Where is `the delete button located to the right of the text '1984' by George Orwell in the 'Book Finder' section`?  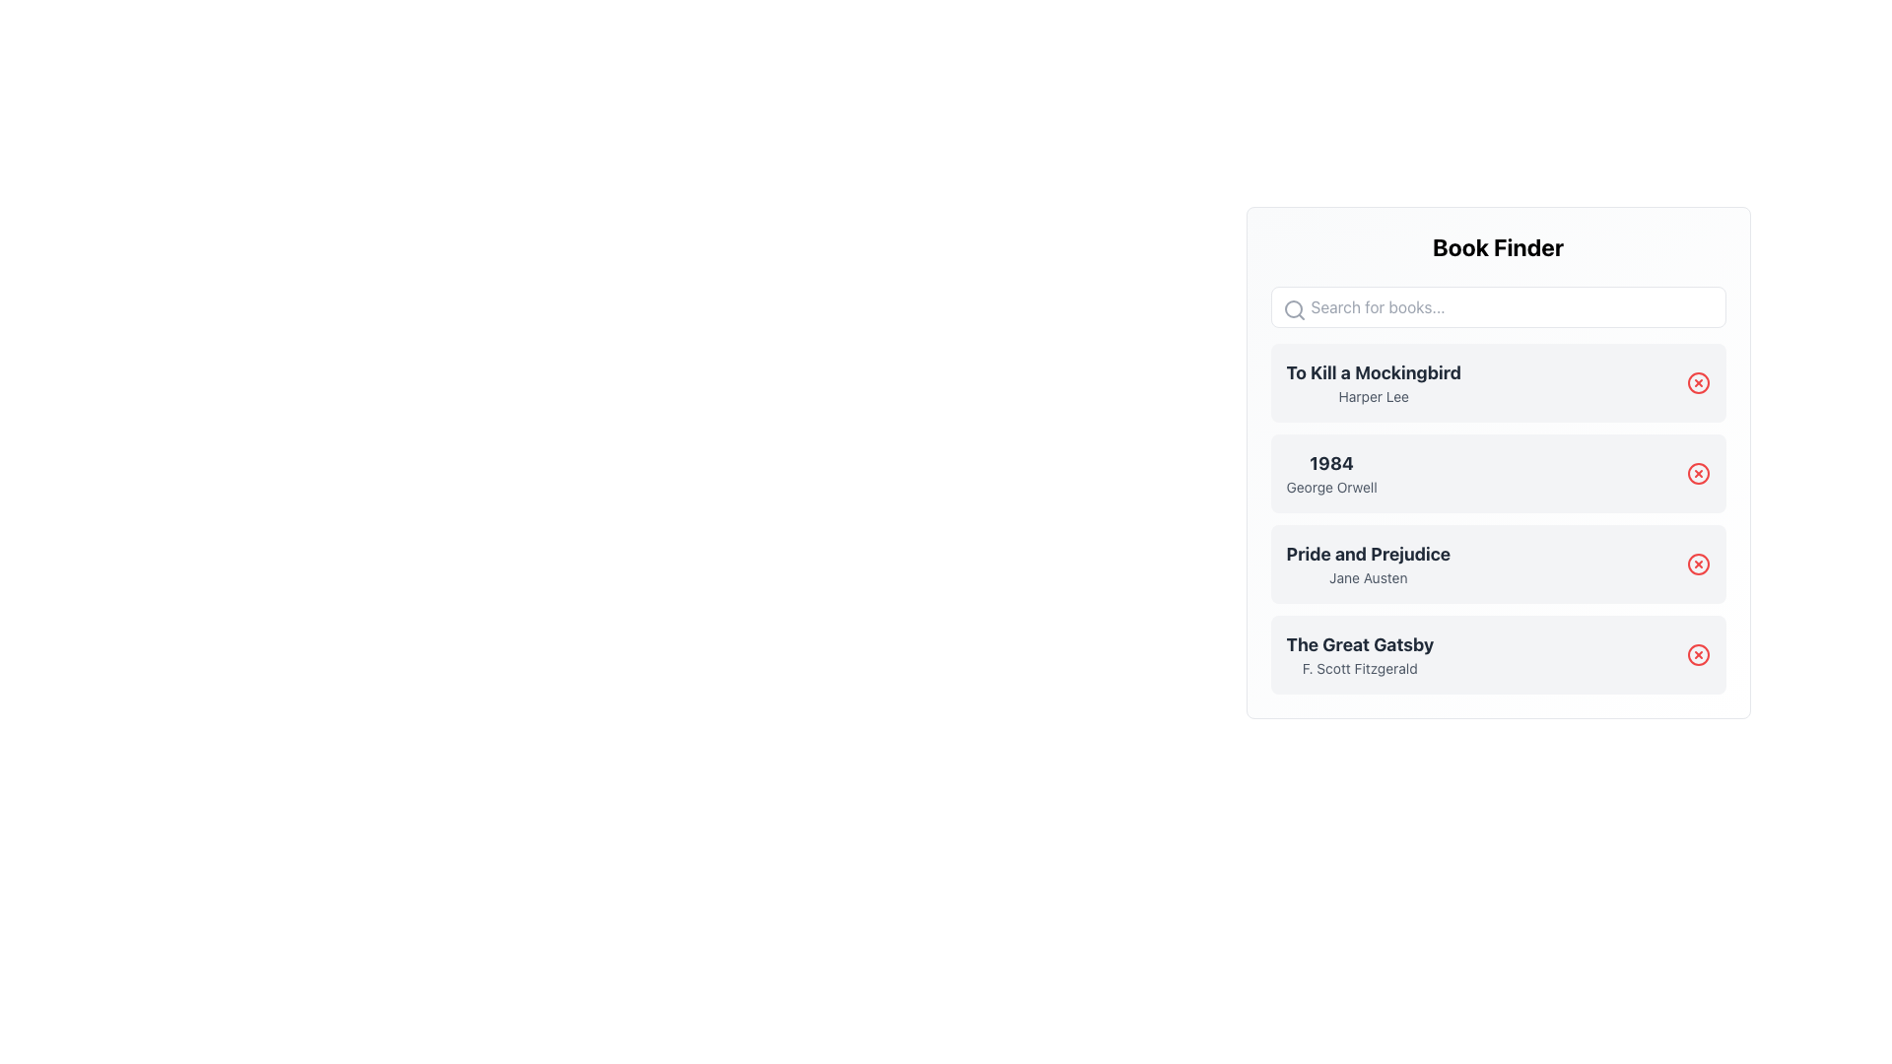 the delete button located to the right of the text '1984' by George Orwell in the 'Book Finder' section is located at coordinates (1697, 474).